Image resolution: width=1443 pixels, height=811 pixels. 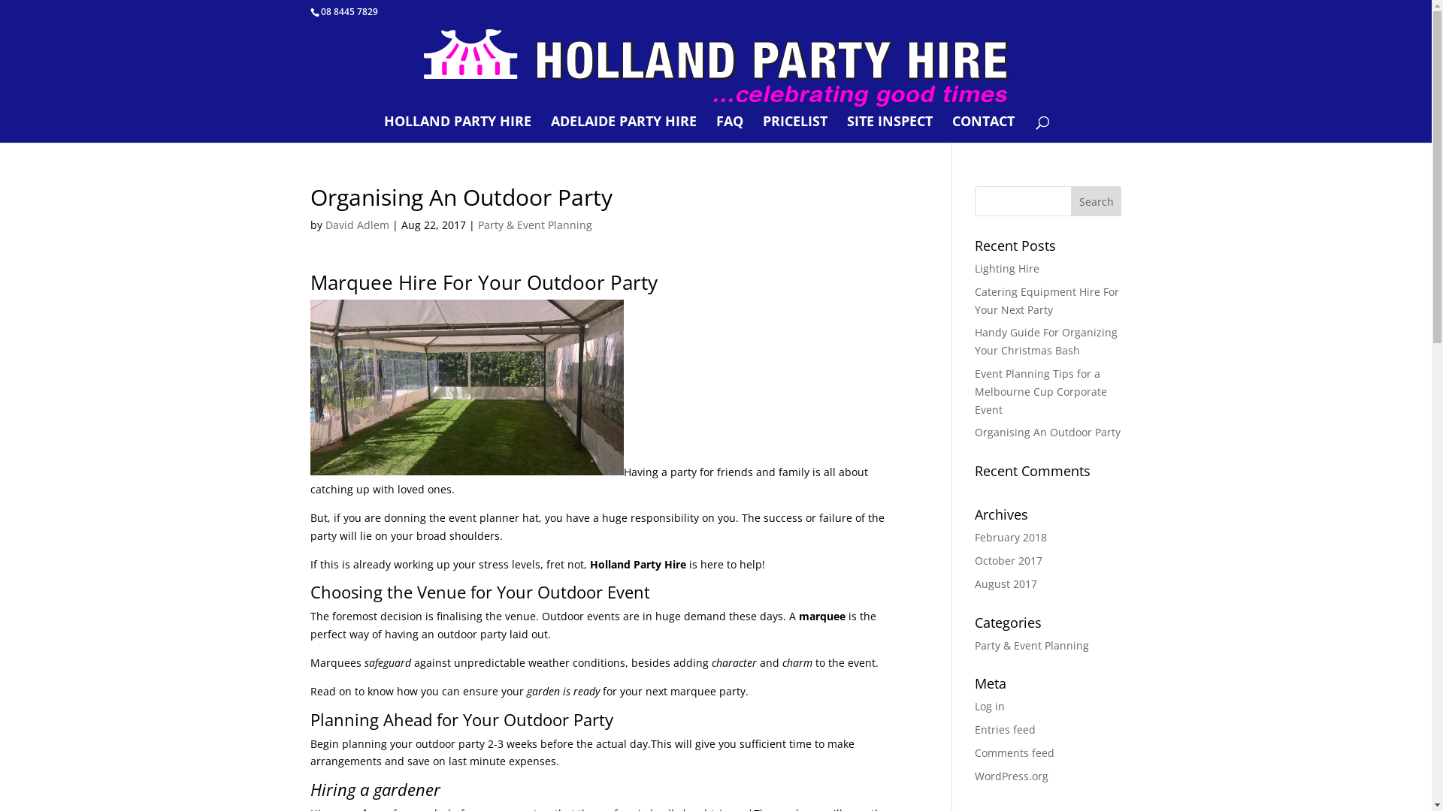 I want to click on 'Comments feed', so click(x=1014, y=752).